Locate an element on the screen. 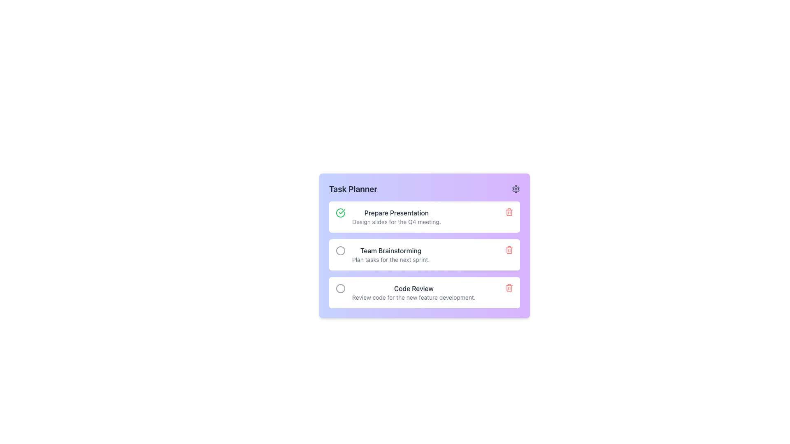 The width and height of the screenshot is (790, 444). the completion icon located to the left of the task title 'Prepare Presentation' is located at coordinates (341, 212).